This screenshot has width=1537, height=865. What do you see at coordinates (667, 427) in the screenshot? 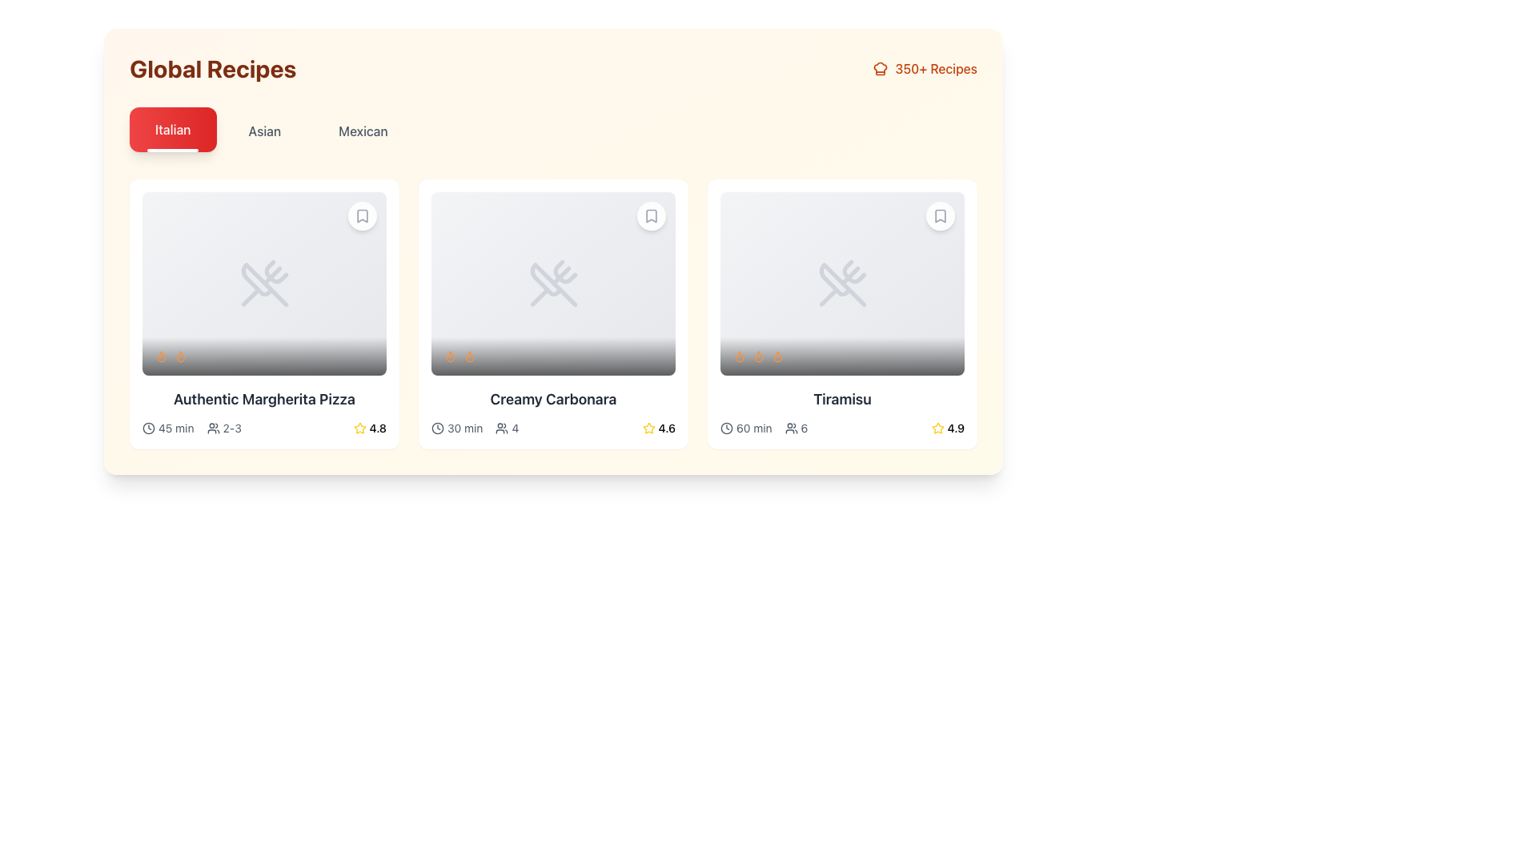
I see `rating value displayed in the text label indicating a score of '4.6', which is located at the bottom-right corner of the 'Creamy Carbonara' recipe card, adjacent to a yellow star icon` at bounding box center [667, 427].